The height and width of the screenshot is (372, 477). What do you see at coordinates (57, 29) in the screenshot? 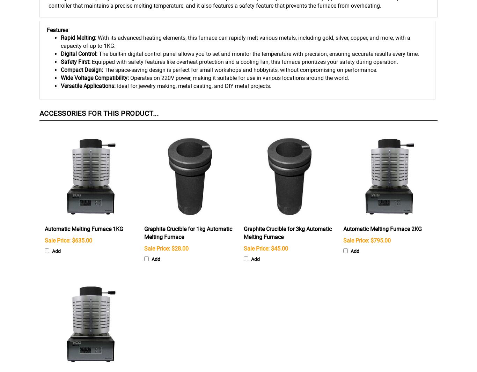
I see `'Features'` at bounding box center [57, 29].